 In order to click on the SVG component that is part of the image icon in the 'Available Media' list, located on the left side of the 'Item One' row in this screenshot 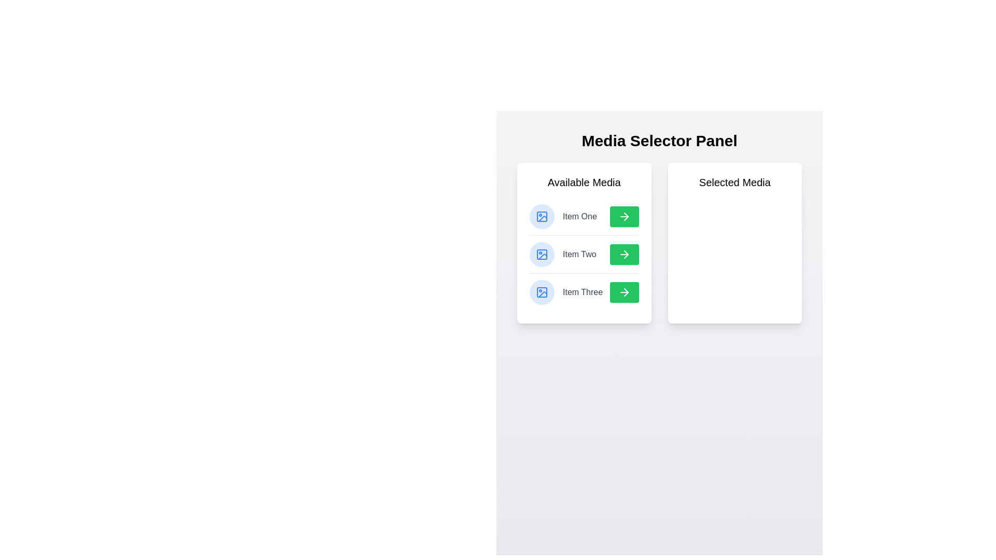, I will do `click(542, 216)`.